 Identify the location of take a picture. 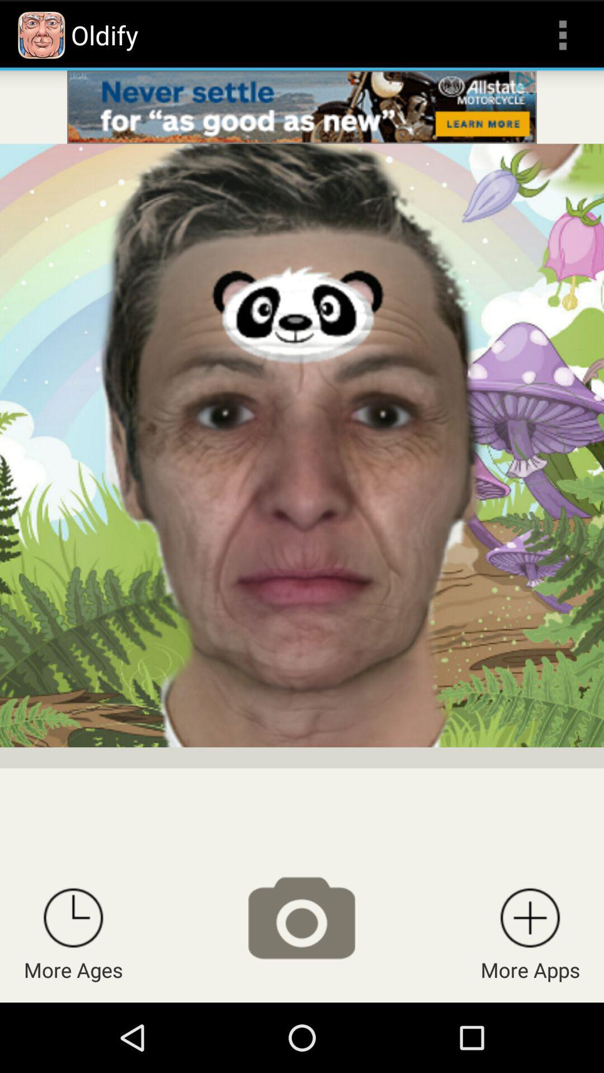
(301, 918).